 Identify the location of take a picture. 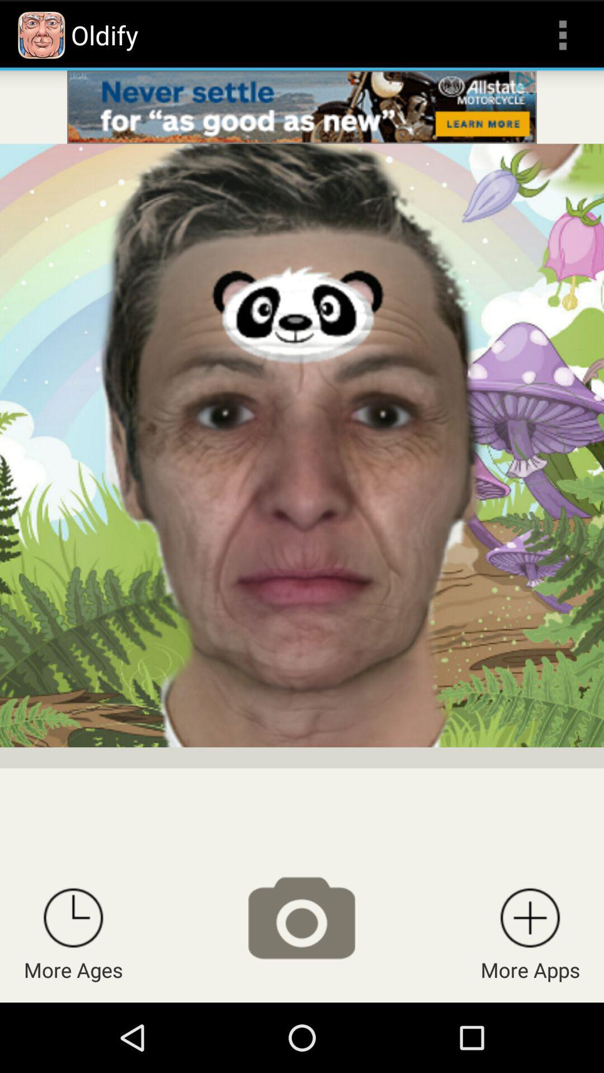
(301, 918).